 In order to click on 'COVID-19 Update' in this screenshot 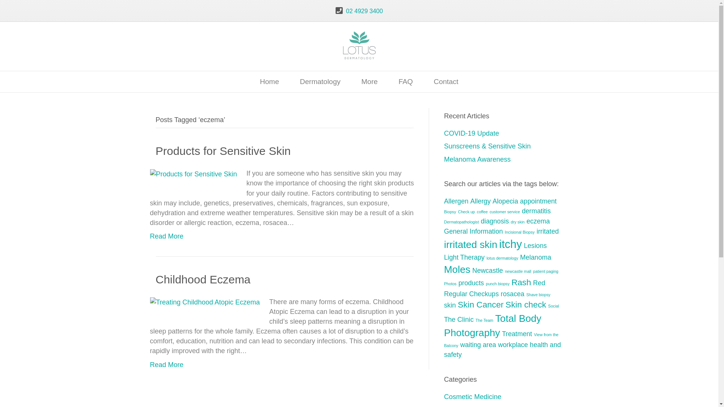, I will do `click(471, 133)`.